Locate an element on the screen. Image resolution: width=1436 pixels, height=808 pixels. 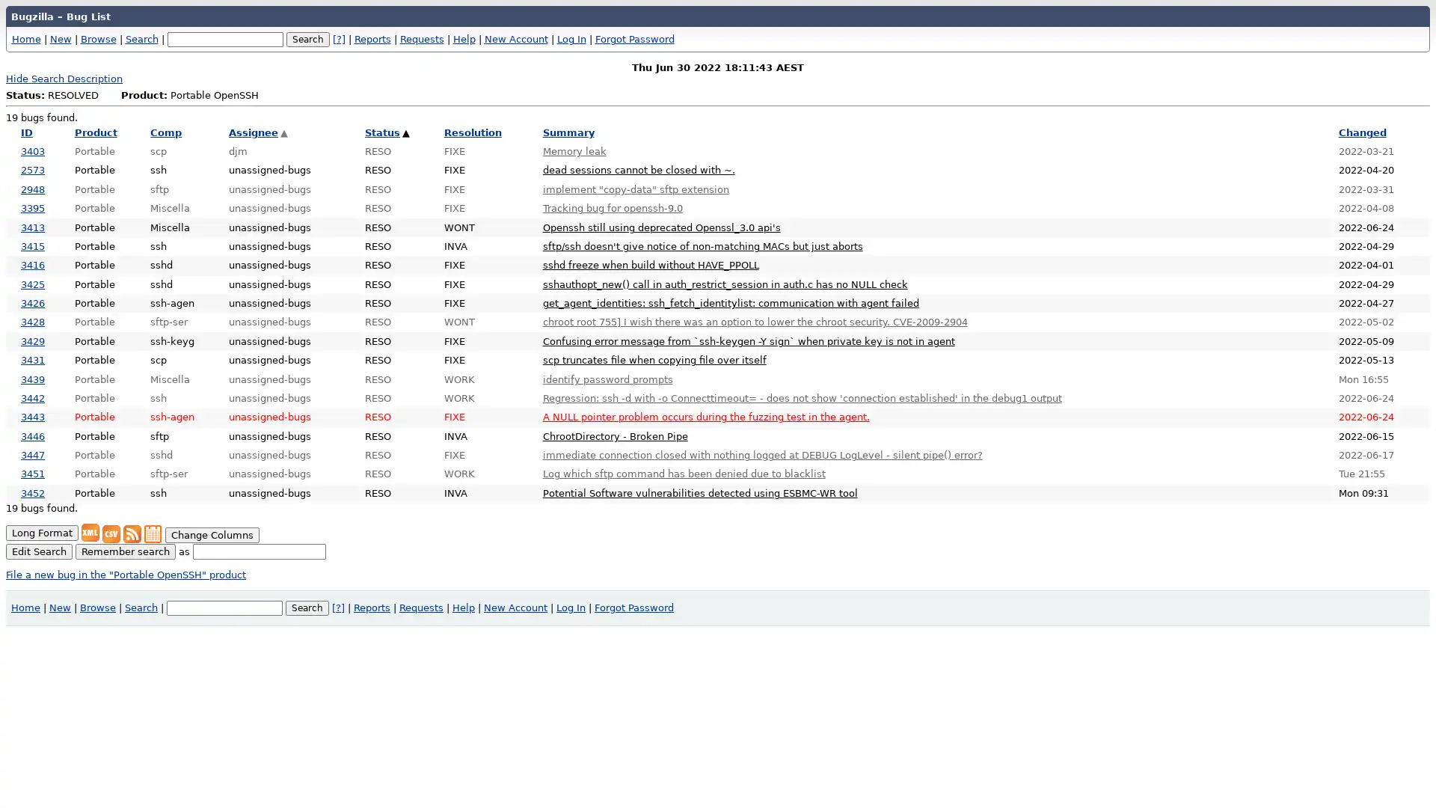
Long Format is located at coordinates (42, 532).